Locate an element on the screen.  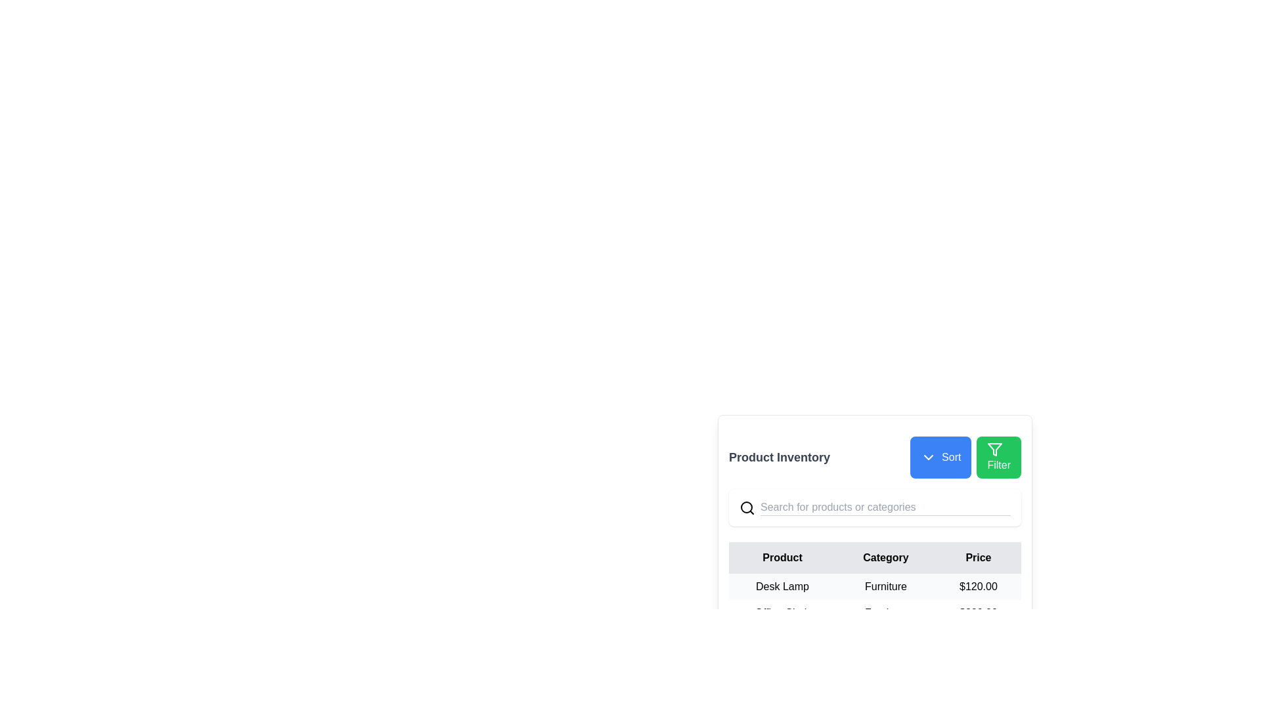
the downward chevron icon inside the blue 'Sort' button to interact with the dropdown menu is located at coordinates (928, 457).